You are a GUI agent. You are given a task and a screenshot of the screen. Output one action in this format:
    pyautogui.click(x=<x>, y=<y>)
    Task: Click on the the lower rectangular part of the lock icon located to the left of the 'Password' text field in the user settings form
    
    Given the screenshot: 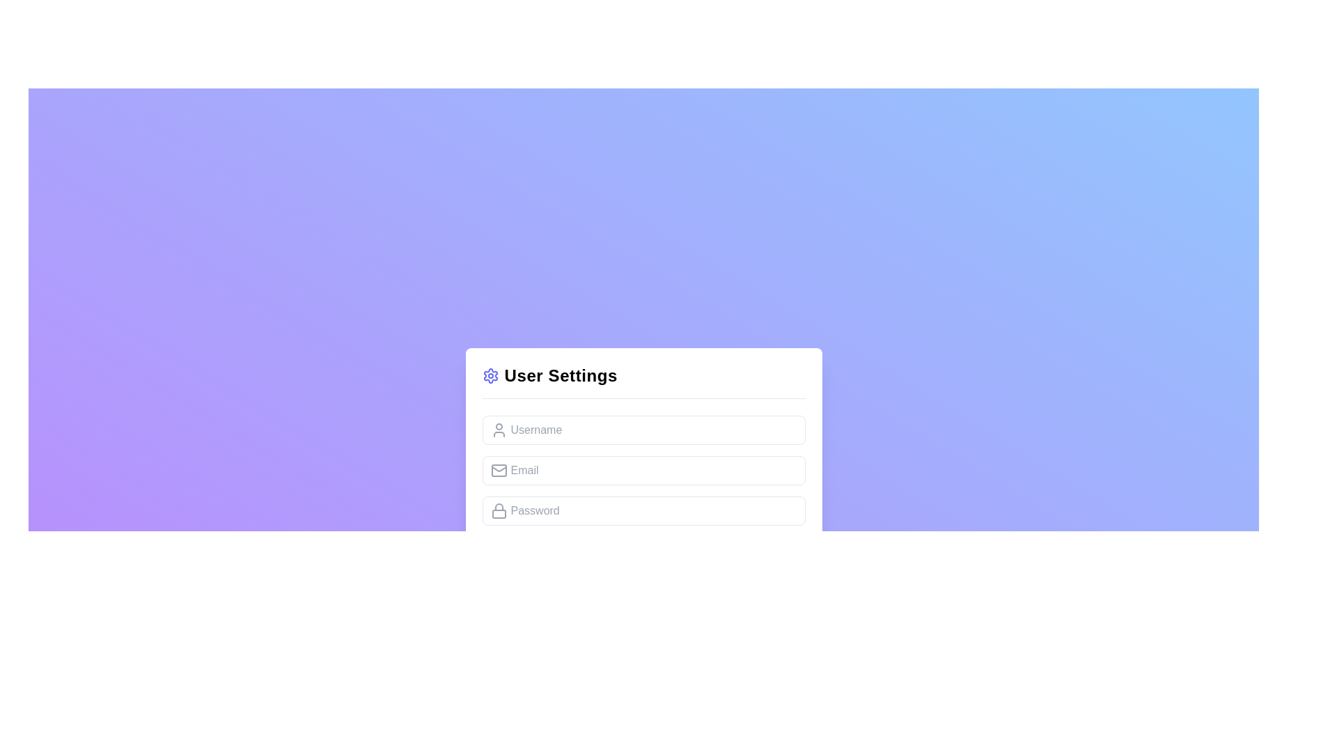 What is the action you would take?
    pyautogui.click(x=499, y=513)
    